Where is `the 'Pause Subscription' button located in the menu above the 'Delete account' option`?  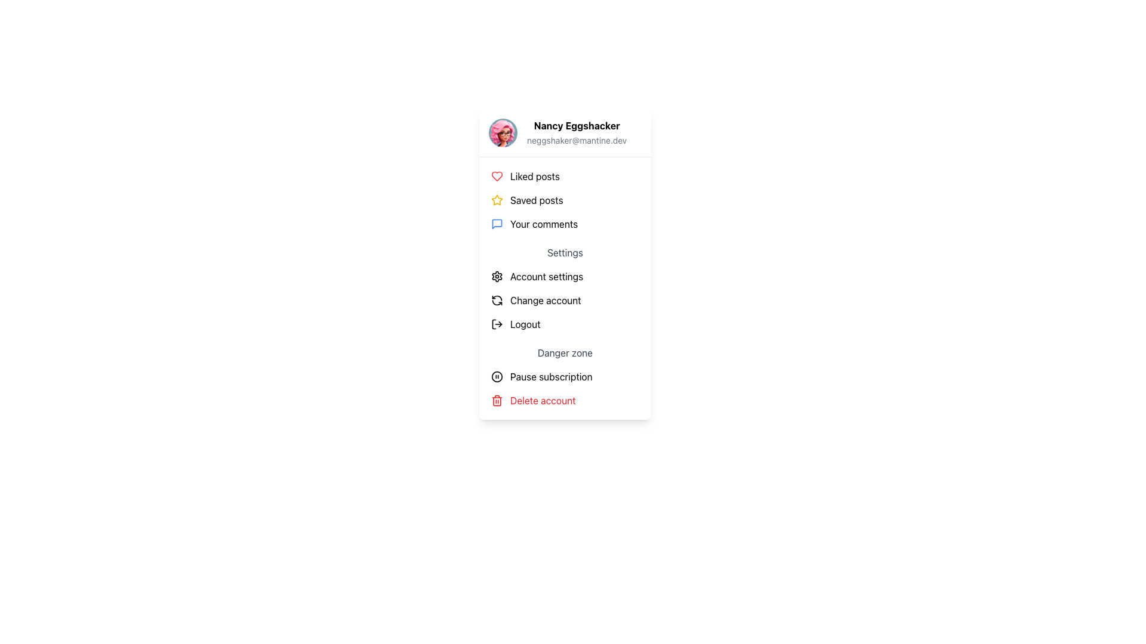
the 'Pause Subscription' button located in the menu above the 'Delete account' option is located at coordinates (564, 377).